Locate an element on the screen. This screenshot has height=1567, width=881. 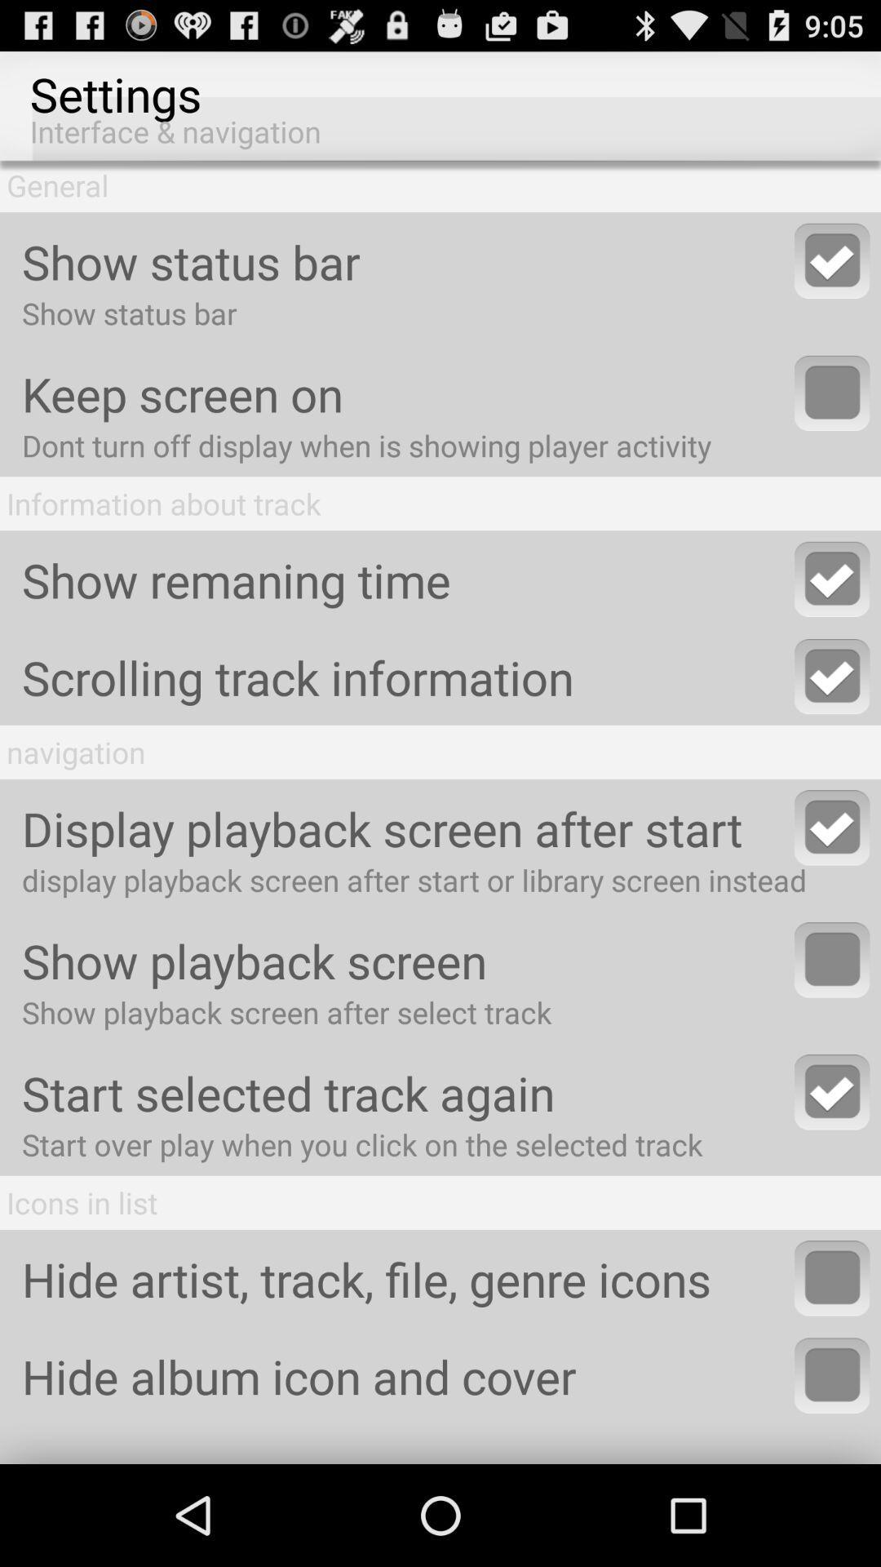
playback screen is located at coordinates (832, 960).